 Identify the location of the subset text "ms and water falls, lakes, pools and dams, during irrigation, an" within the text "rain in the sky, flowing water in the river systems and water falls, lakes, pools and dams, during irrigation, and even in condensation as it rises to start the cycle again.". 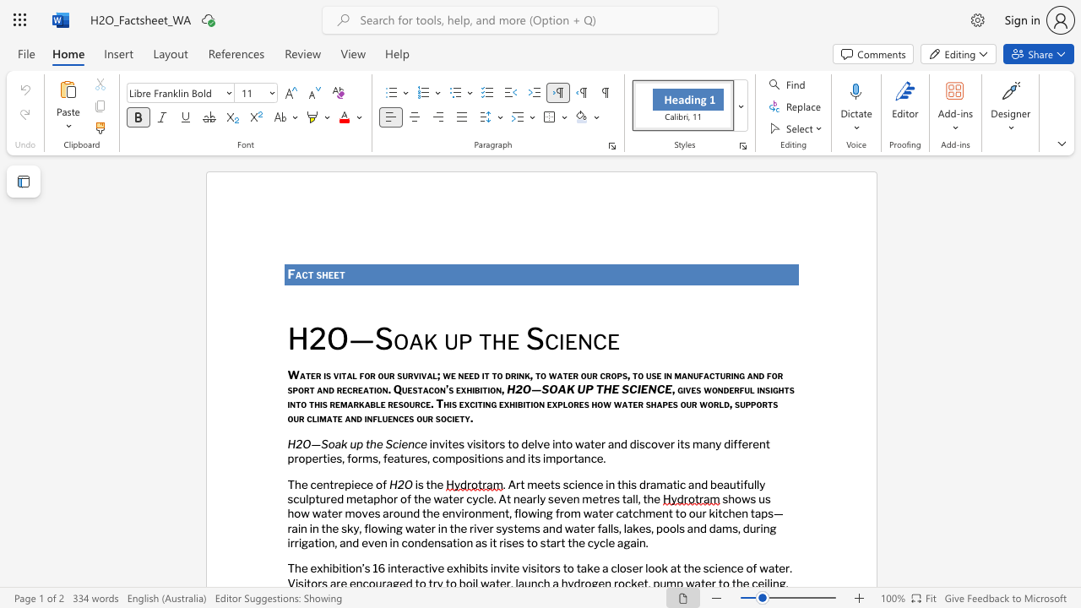
(524, 527).